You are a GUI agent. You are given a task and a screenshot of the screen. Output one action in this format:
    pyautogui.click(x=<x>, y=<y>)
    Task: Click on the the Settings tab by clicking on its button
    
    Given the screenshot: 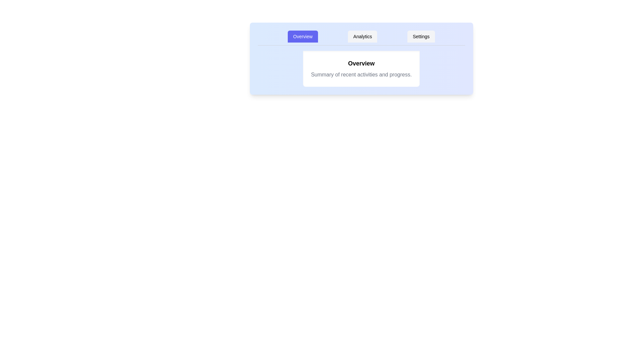 What is the action you would take?
    pyautogui.click(x=421, y=37)
    